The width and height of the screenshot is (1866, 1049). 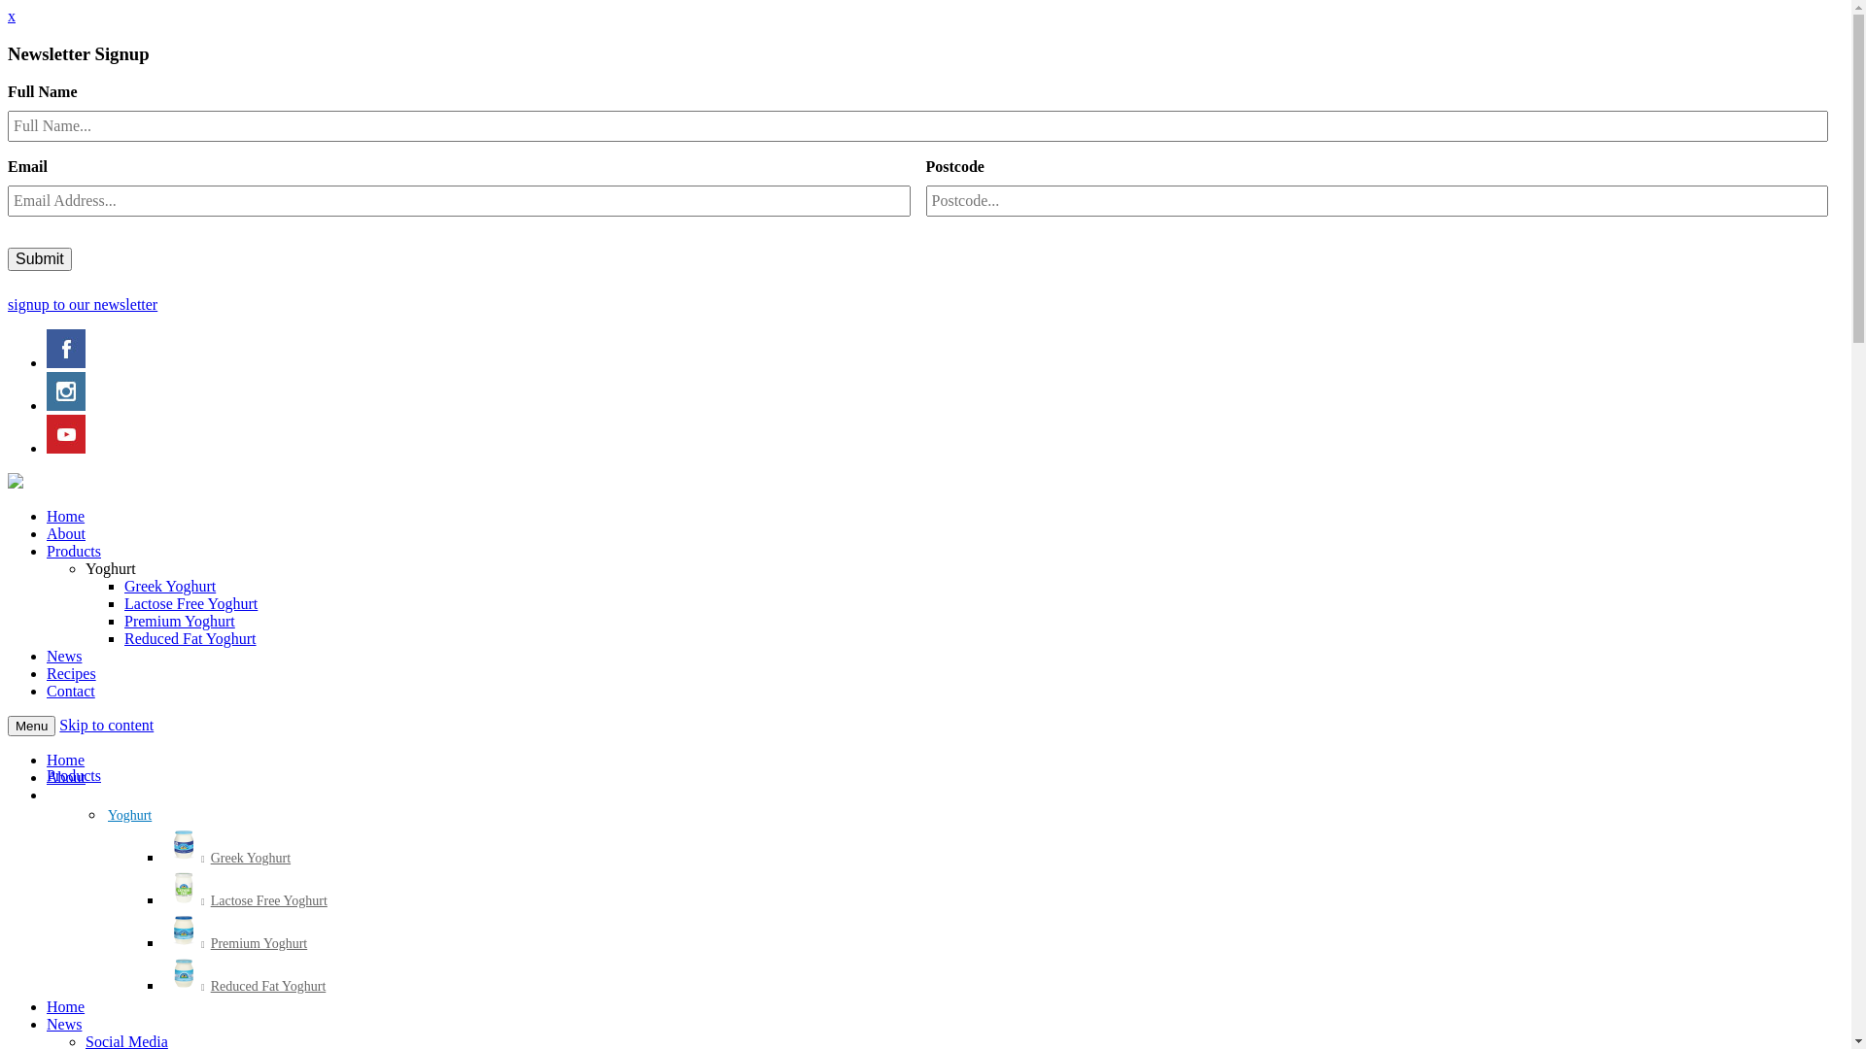 What do you see at coordinates (40, 257) in the screenshot?
I see `'Submit'` at bounding box center [40, 257].